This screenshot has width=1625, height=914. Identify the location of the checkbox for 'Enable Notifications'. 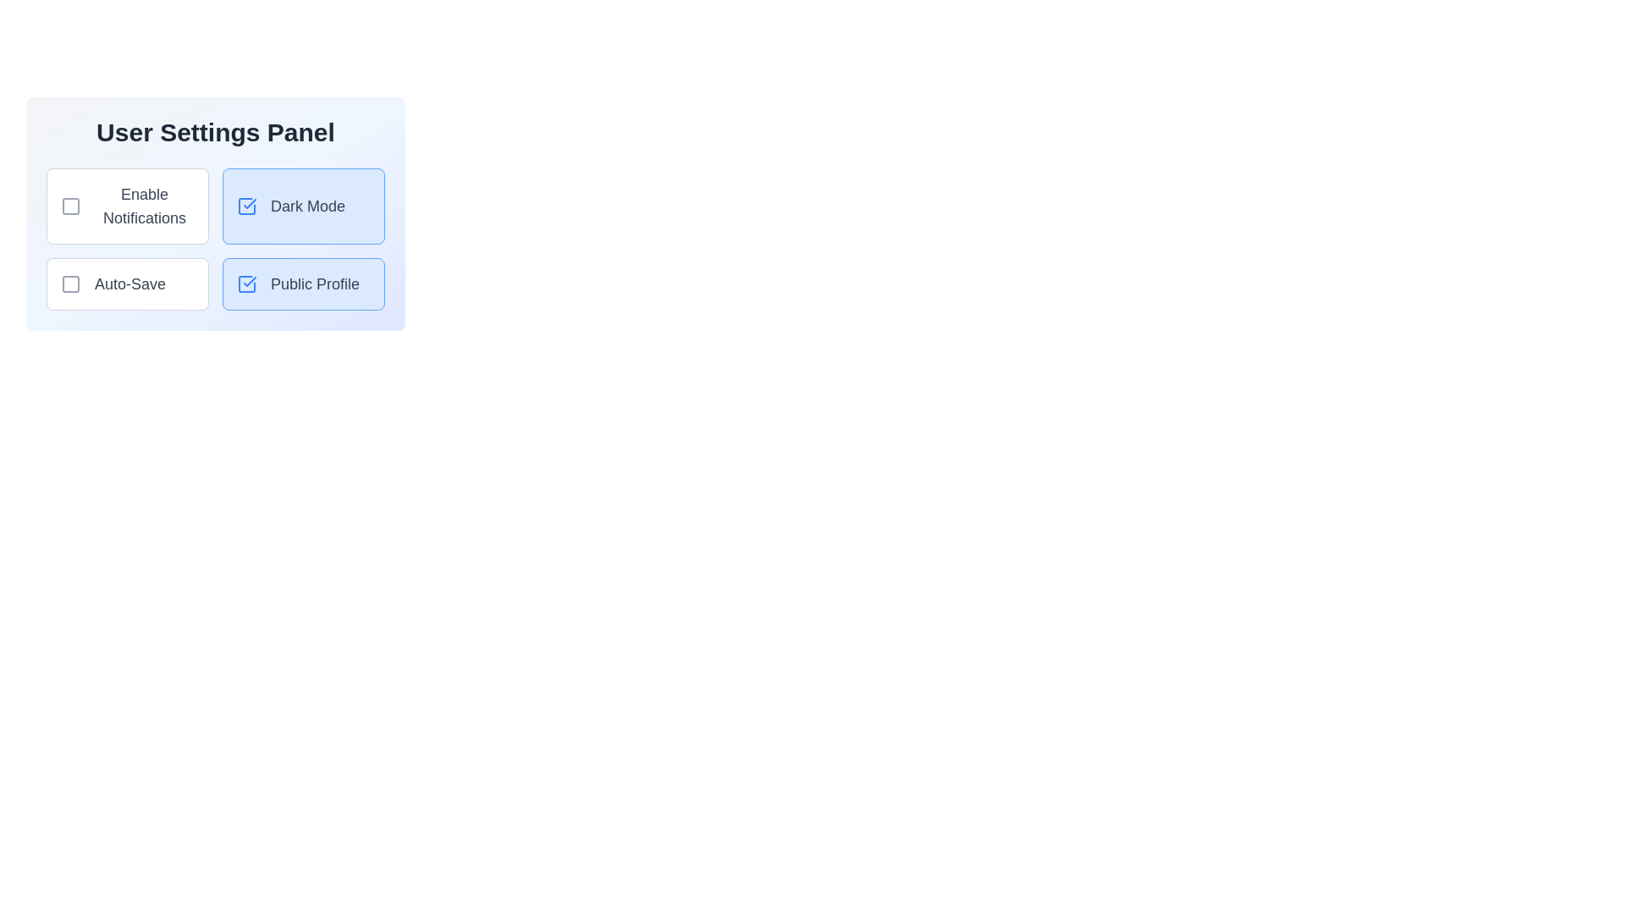
(69, 205).